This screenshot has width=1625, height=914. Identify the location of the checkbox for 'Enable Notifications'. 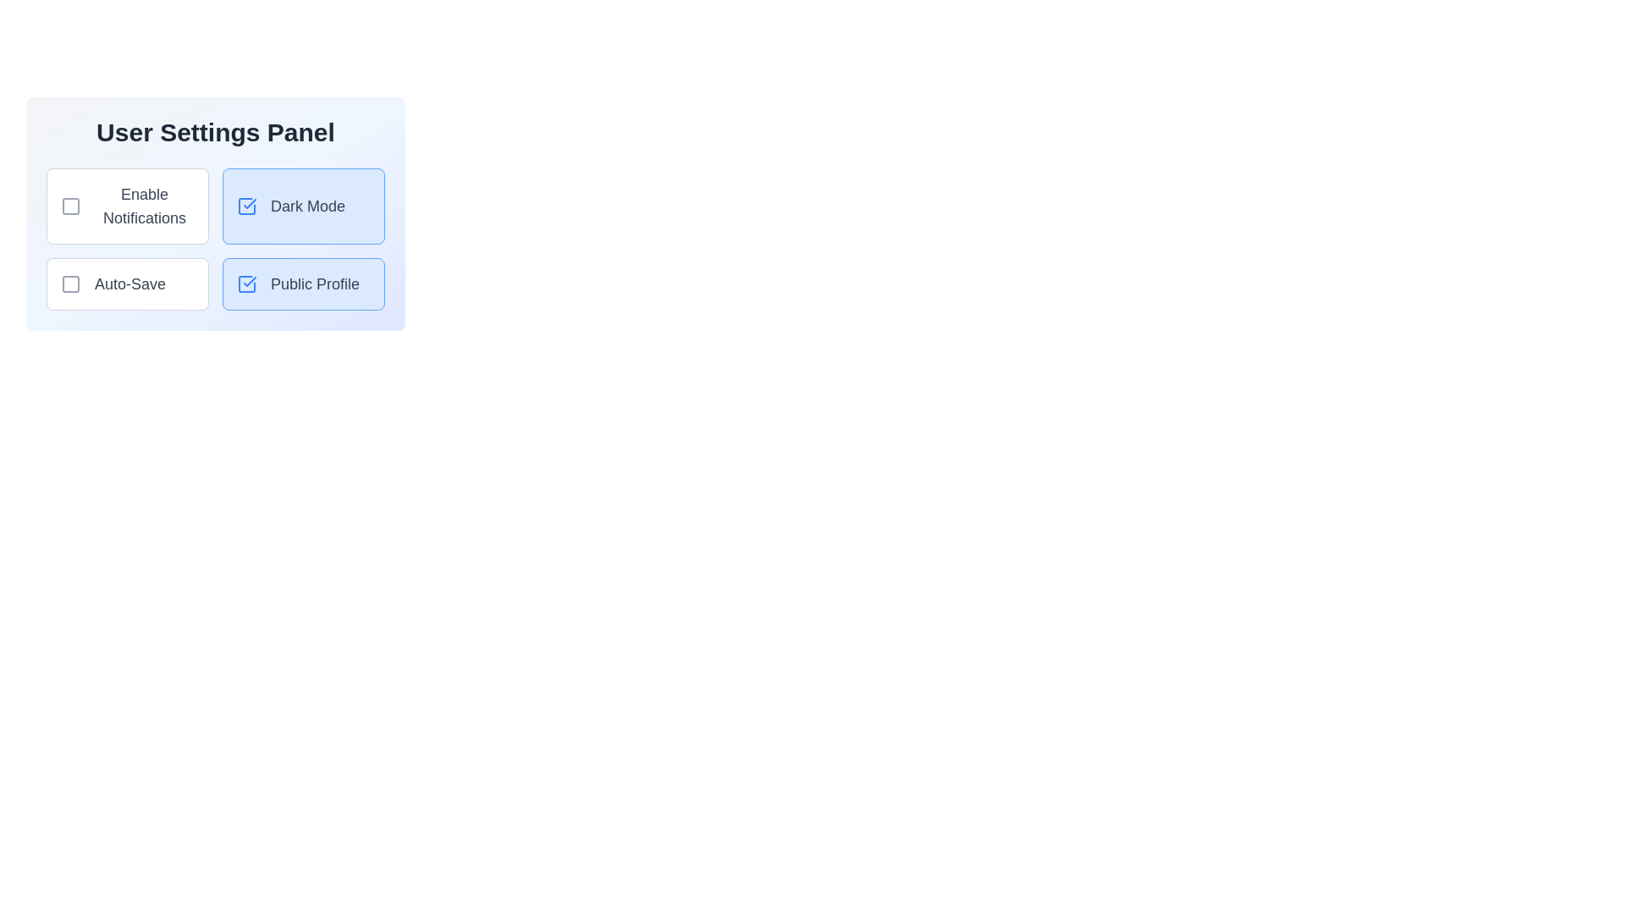
(69, 205).